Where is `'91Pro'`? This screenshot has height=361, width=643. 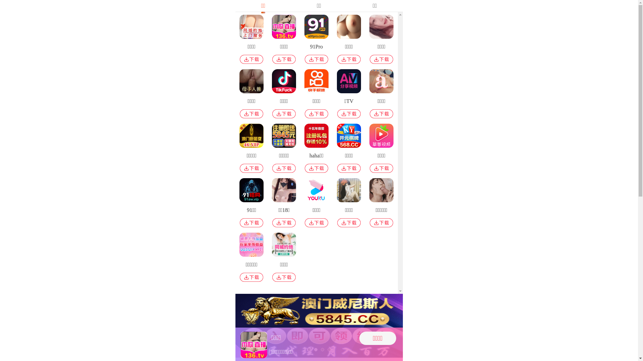
'91Pro' is located at coordinates (300, 40).